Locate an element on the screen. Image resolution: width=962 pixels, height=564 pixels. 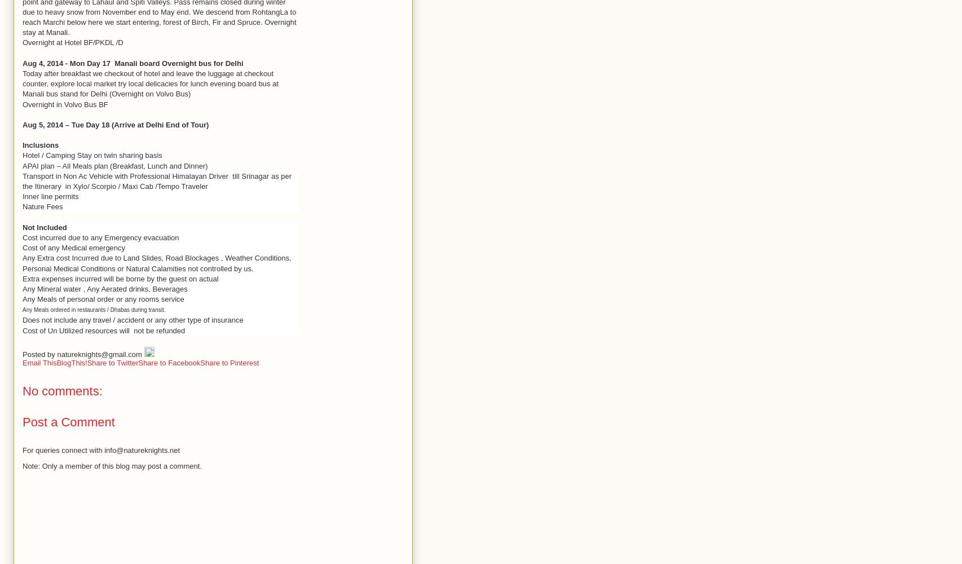
'BlogThis!' is located at coordinates (71, 363).